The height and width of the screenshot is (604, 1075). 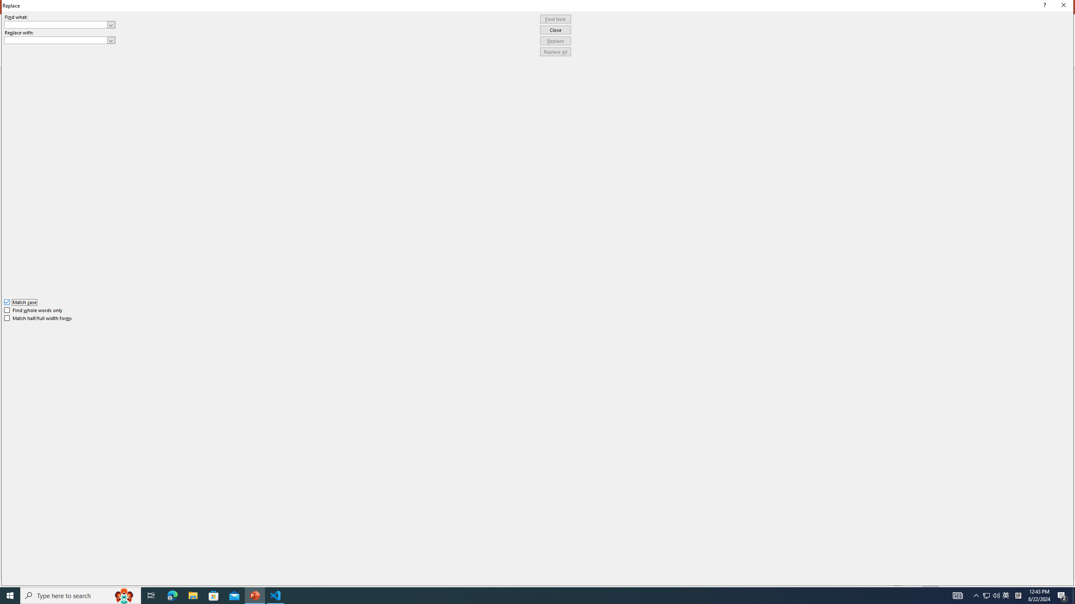 What do you see at coordinates (555, 19) in the screenshot?
I see `'Find Next'` at bounding box center [555, 19].